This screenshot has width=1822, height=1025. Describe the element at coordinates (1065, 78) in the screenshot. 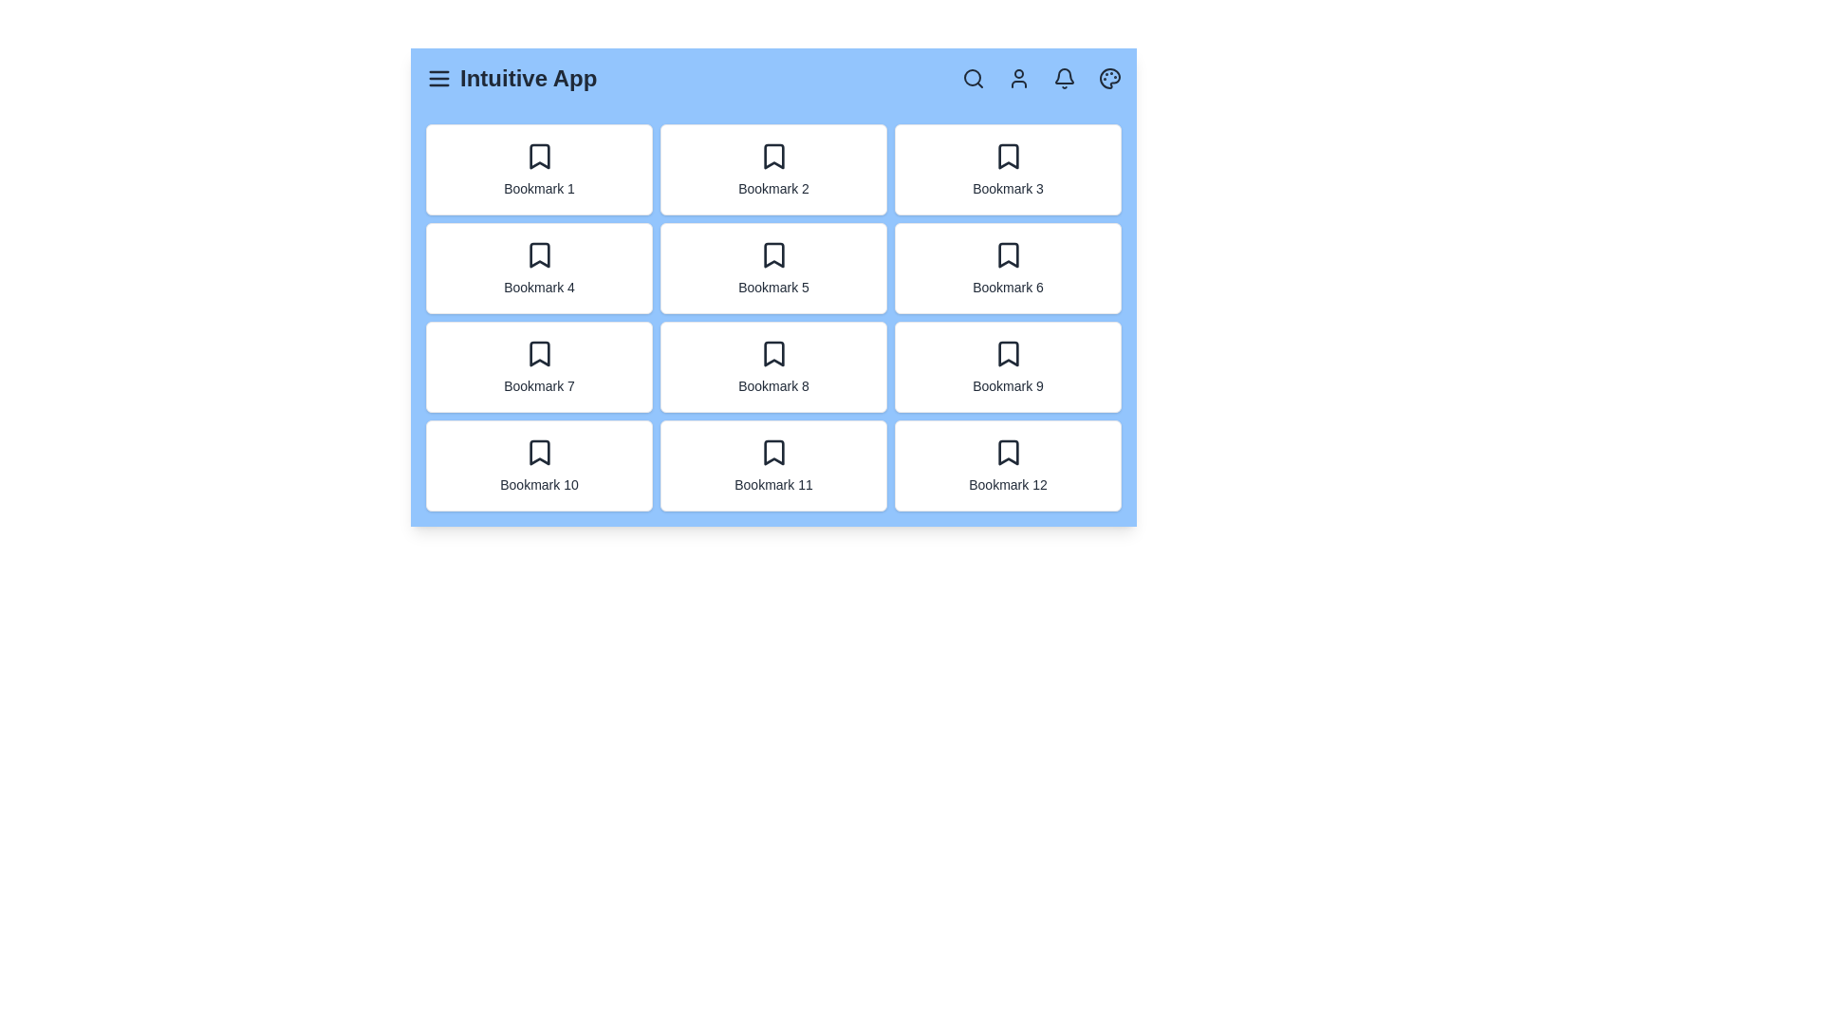

I see `the bell icon to check notifications` at that location.